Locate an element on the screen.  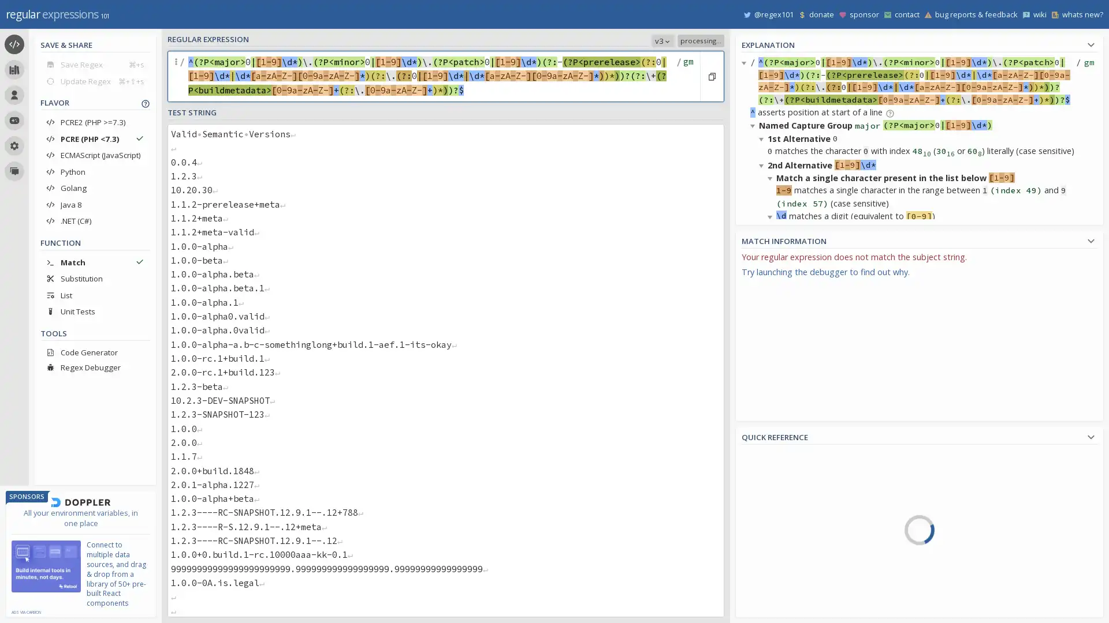
Export Matches is located at coordinates (1087, 260).